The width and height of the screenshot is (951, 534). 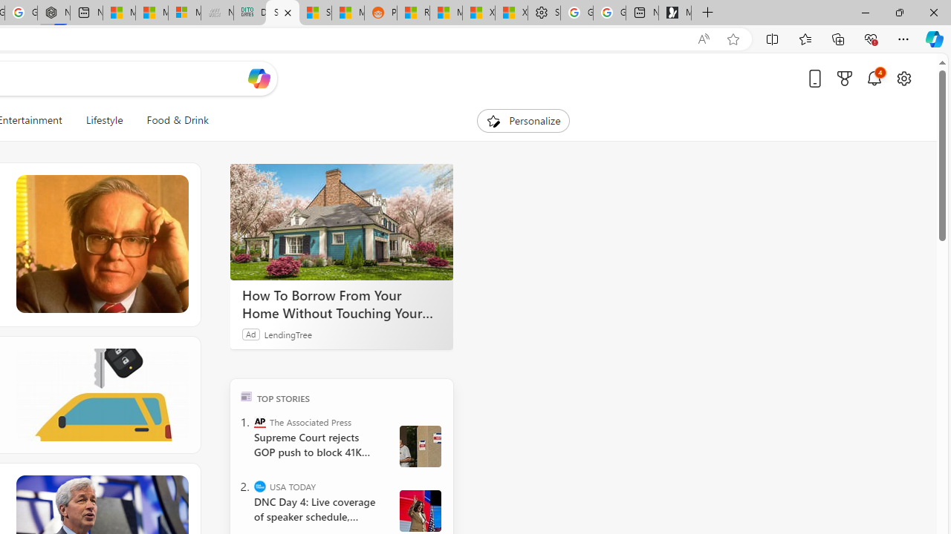 What do you see at coordinates (413, 13) in the screenshot?
I see `'R******* | Trusted Community Engagement and Contributions'` at bounding box center [413, 13].